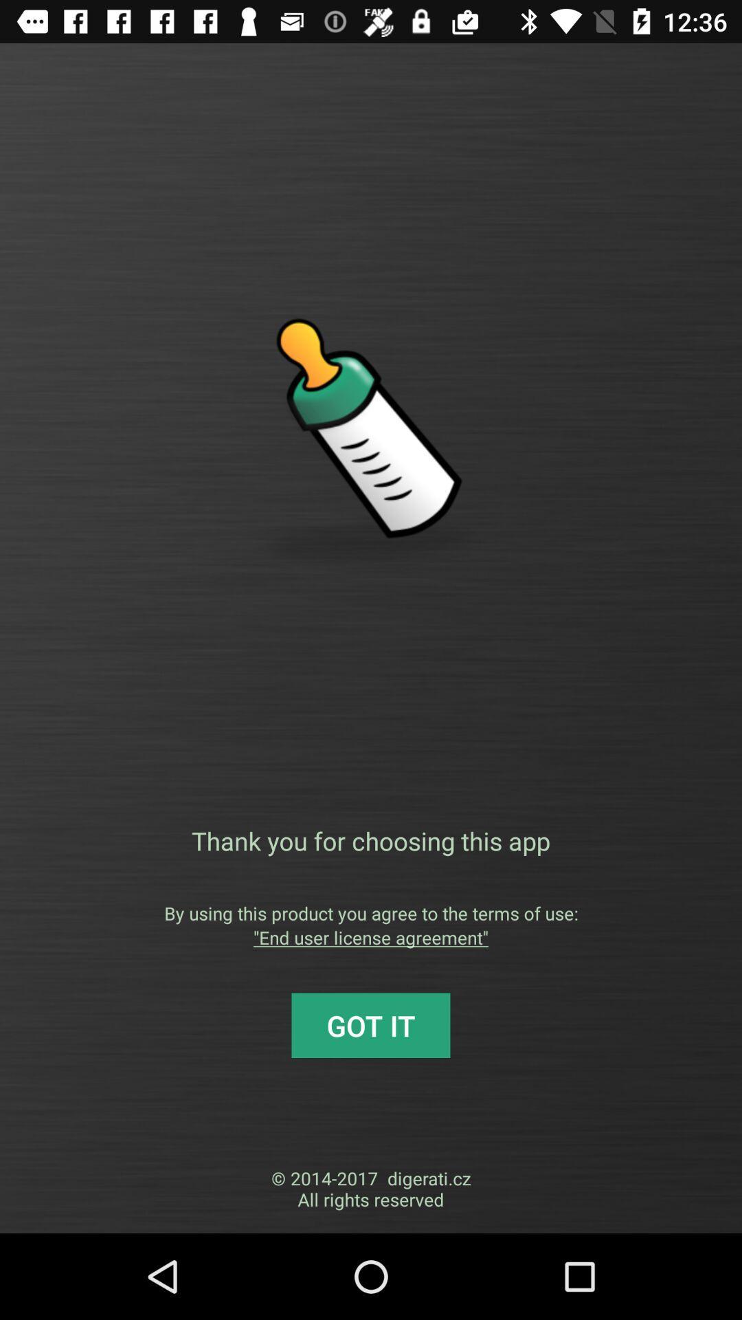 This screenshot has height=1320, width=742. I want to click on the got it item, so click(371, 1025).